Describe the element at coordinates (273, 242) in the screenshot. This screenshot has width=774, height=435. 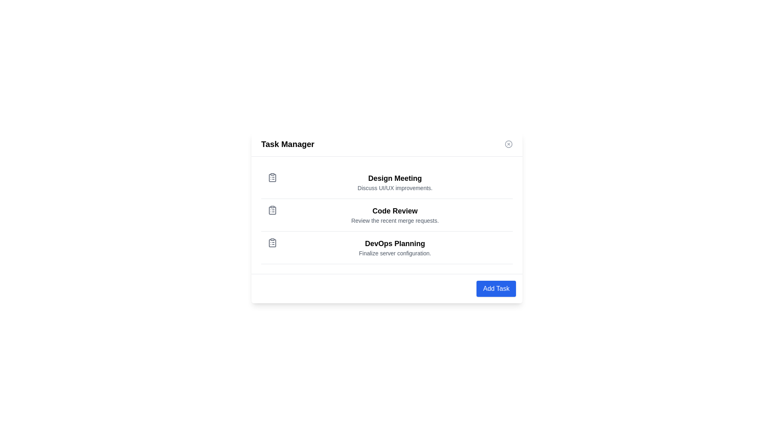
I see `the task icon for DevOps Planning` at that location.